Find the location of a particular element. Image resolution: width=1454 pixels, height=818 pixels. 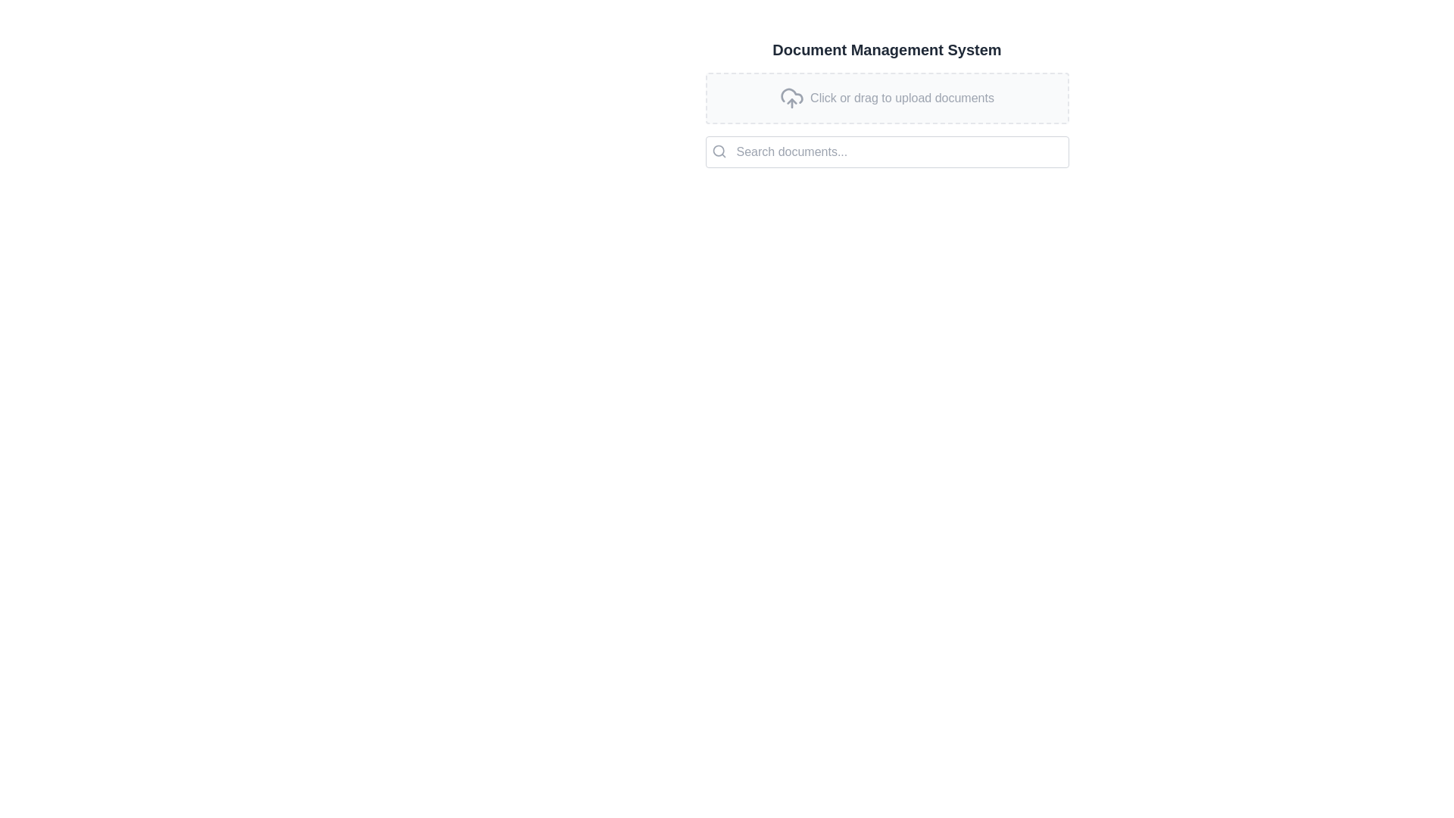

files onto the Drag-and-drop upload area element, which is visually represented by a rectangular area with a dashed border and the text 'Click or drag is located at coordinates (887, 98).